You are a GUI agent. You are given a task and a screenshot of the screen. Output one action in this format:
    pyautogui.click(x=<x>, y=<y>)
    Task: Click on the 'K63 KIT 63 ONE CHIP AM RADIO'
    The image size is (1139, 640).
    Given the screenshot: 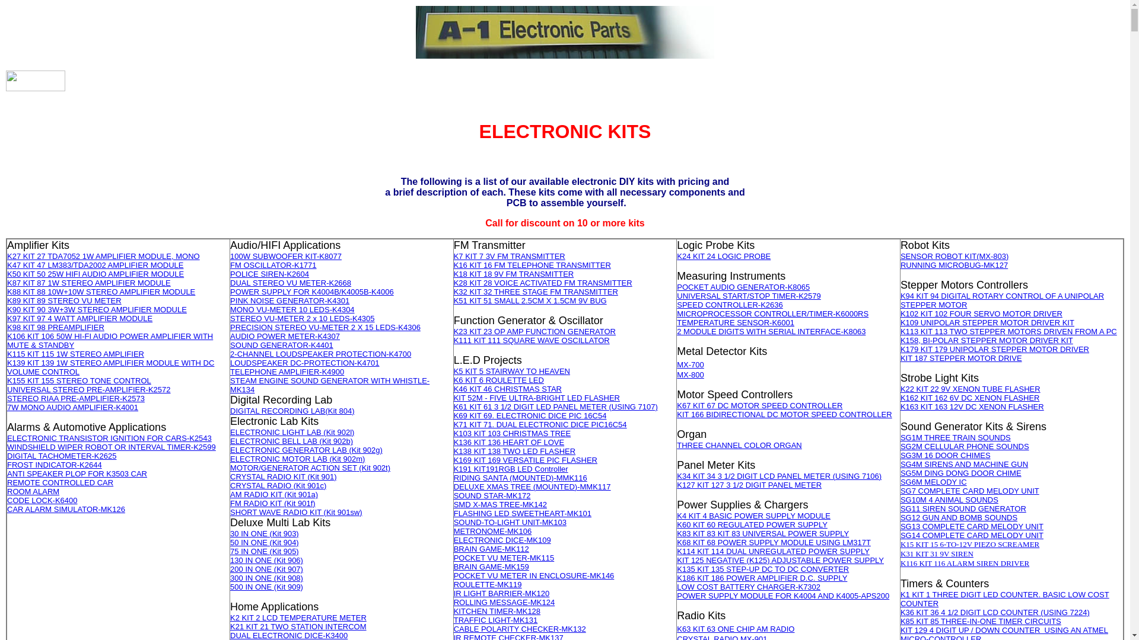 What is the action you would take?
    pyautogui.click(x=734, y=628)
    